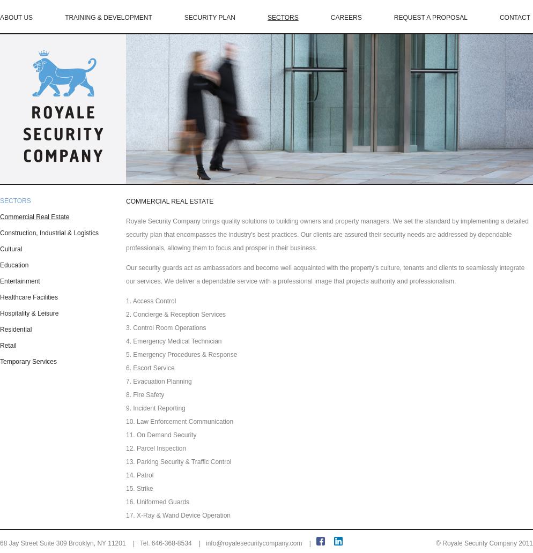 This screenshot has width=533, height=553. What do you see at coordinates (430, 18) in the screenshot?
I see `'REQUEST A PROPOSAL'` at bounding box center [430, 18].